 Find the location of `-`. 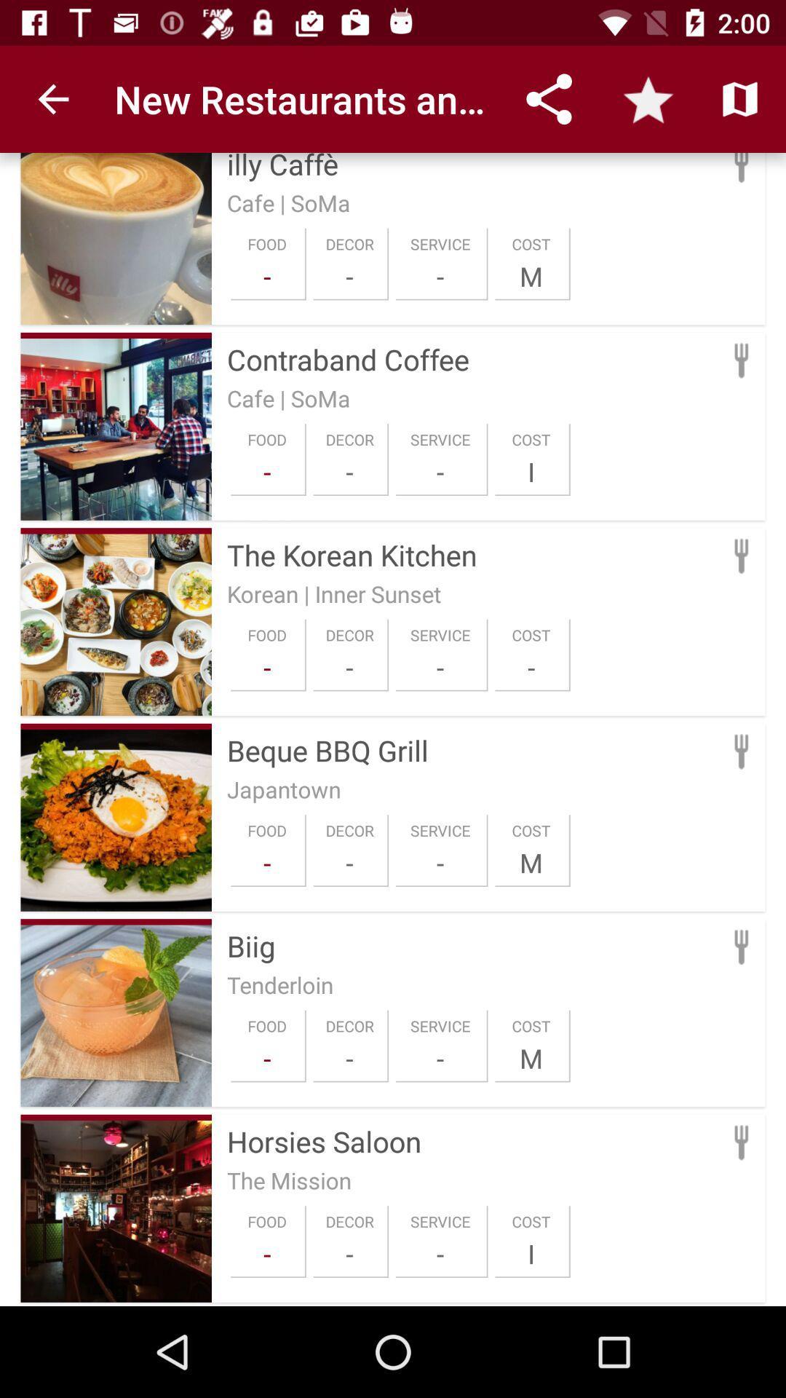

- is located at coordinates (349, 1253).